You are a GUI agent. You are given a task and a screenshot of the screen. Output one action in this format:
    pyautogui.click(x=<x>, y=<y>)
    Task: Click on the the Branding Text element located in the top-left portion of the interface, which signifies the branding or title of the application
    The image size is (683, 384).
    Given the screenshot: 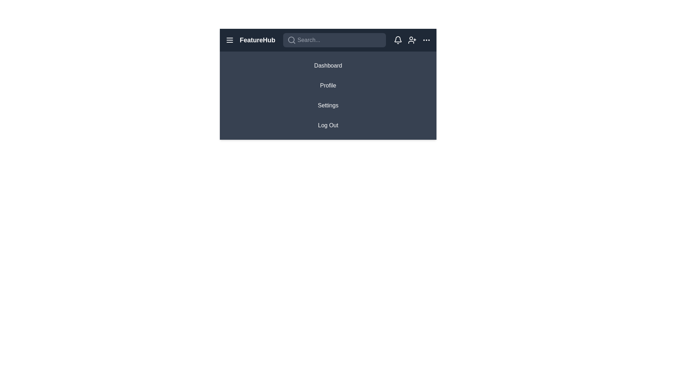 What is the action you would take?
    pyautogui.click(x=250, y=40)
    